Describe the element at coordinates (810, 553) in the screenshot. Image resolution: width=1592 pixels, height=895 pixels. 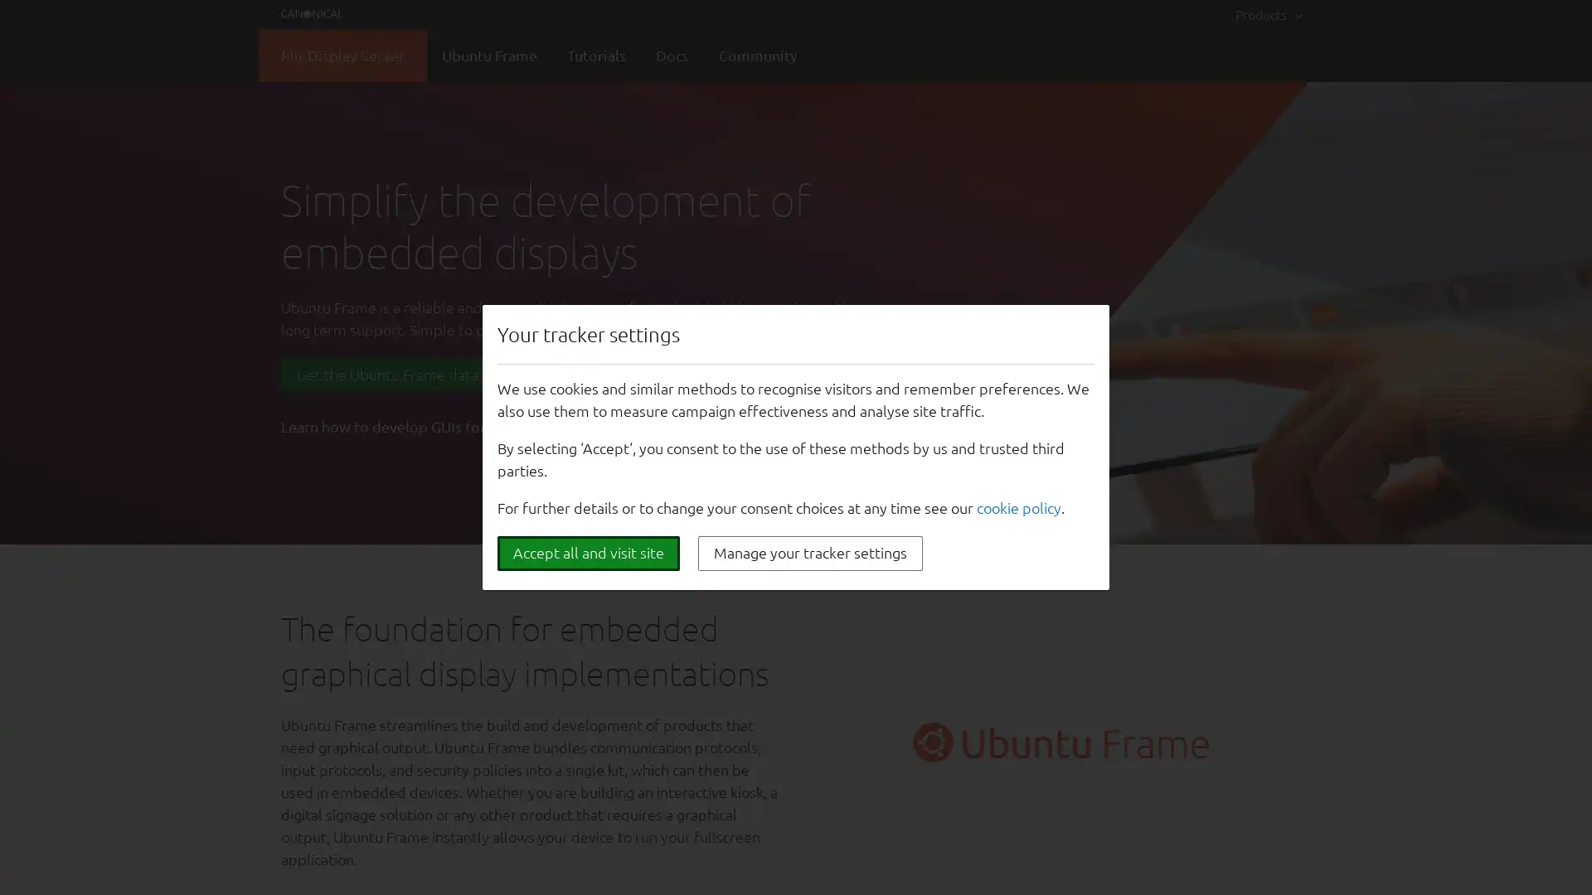
I see `Manage your tracker settings` at that location.